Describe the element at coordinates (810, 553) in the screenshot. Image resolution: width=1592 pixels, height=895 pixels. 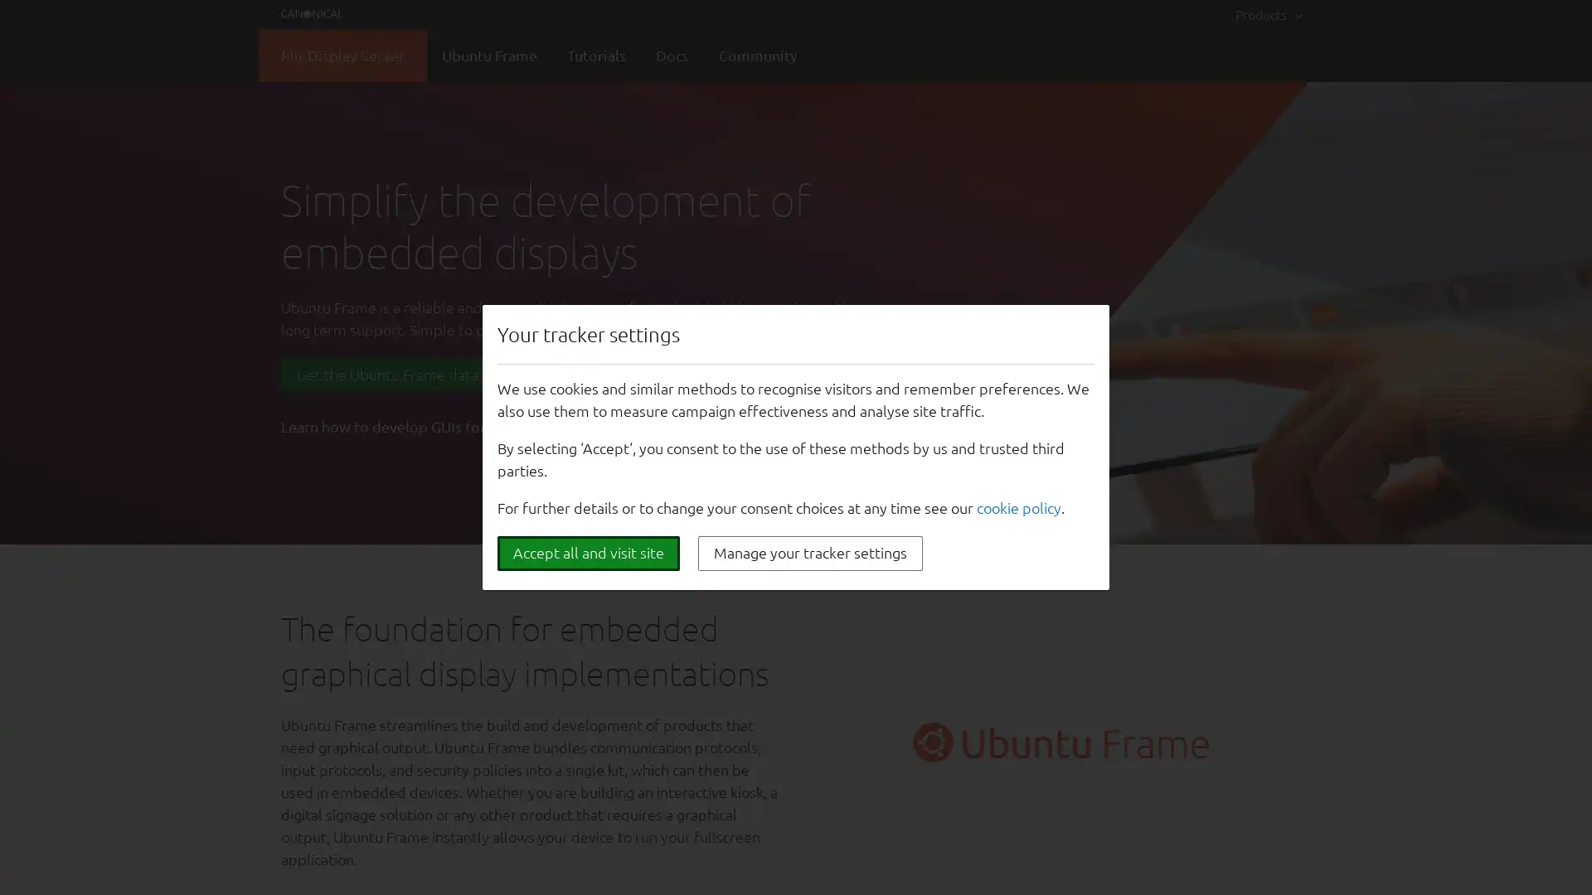
I see `Manage your tracker settings` at that location.